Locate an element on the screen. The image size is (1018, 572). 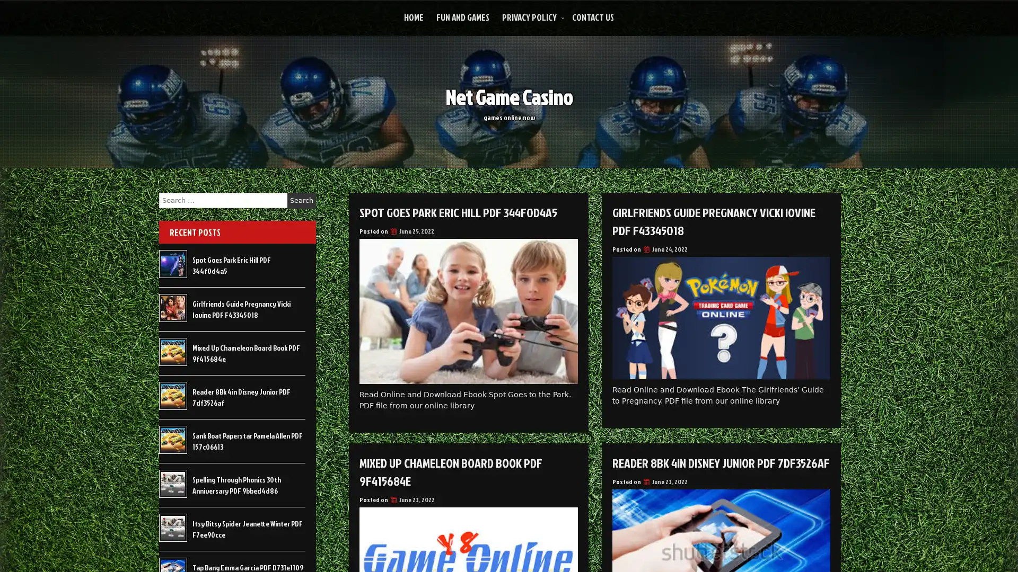
Search is located at coordinates (301, 200).